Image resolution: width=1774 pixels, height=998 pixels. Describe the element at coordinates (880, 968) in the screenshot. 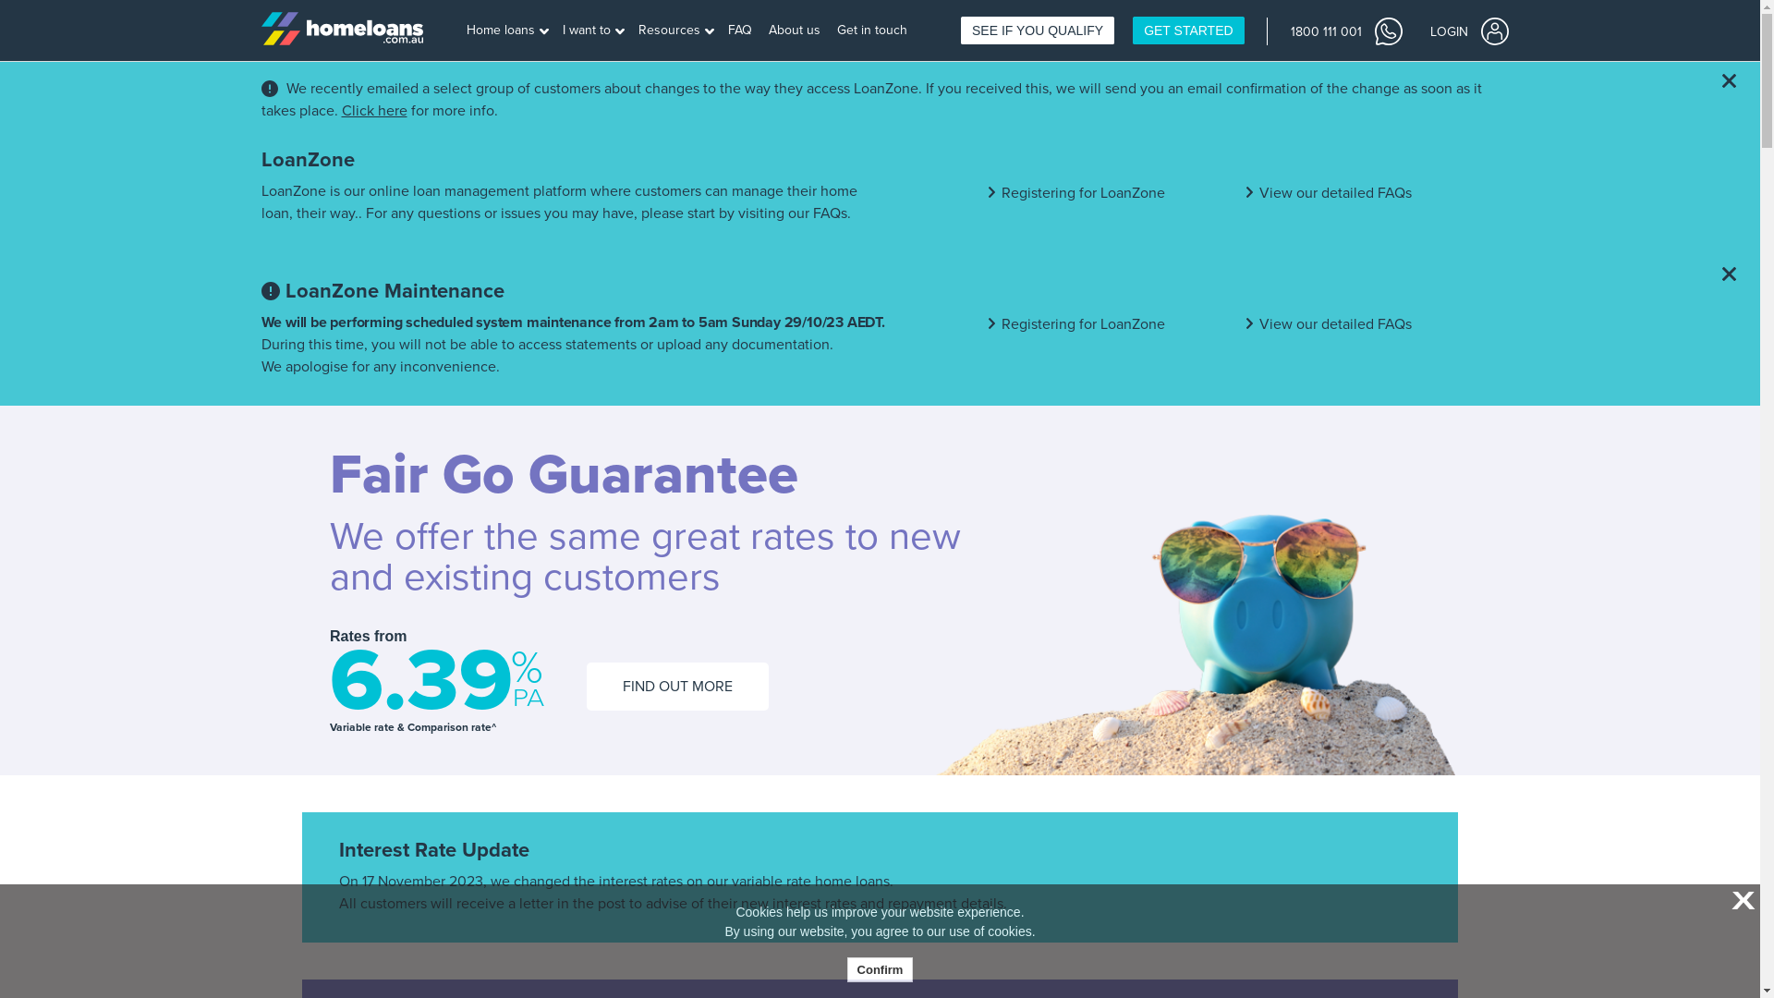

I see `'Confirm'` at that location.